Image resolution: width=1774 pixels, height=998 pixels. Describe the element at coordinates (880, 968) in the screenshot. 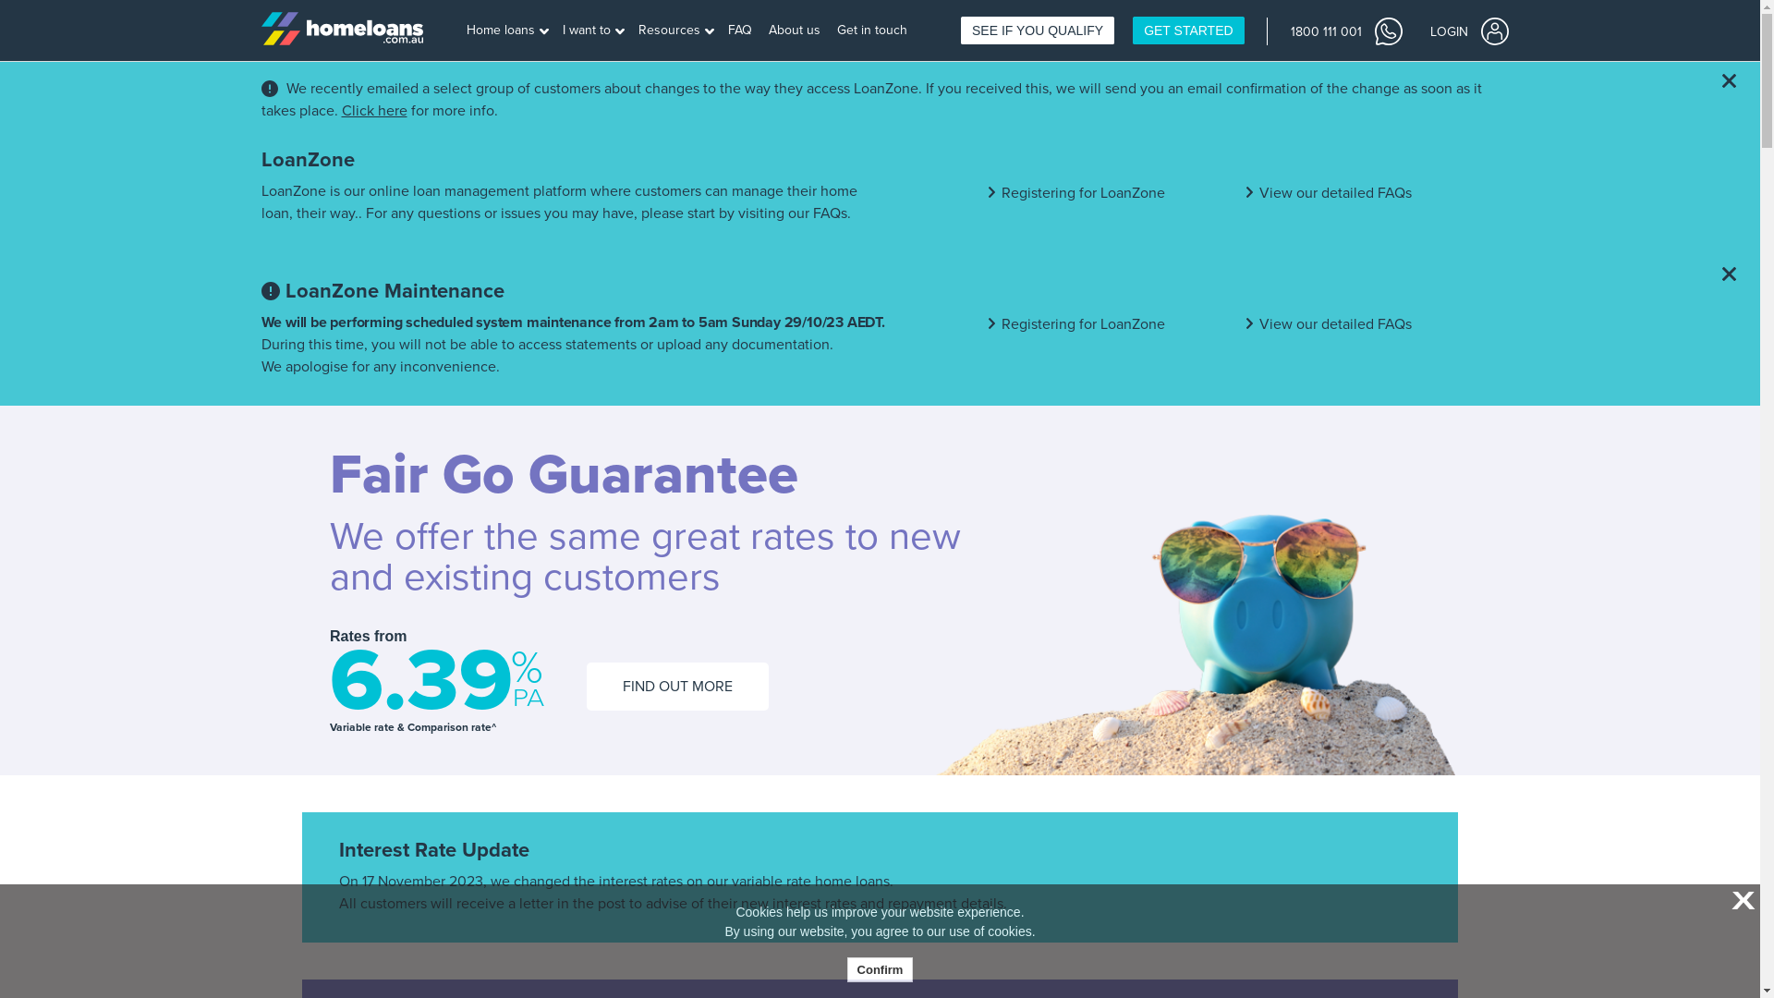

I see `'Confirm'` at that location.